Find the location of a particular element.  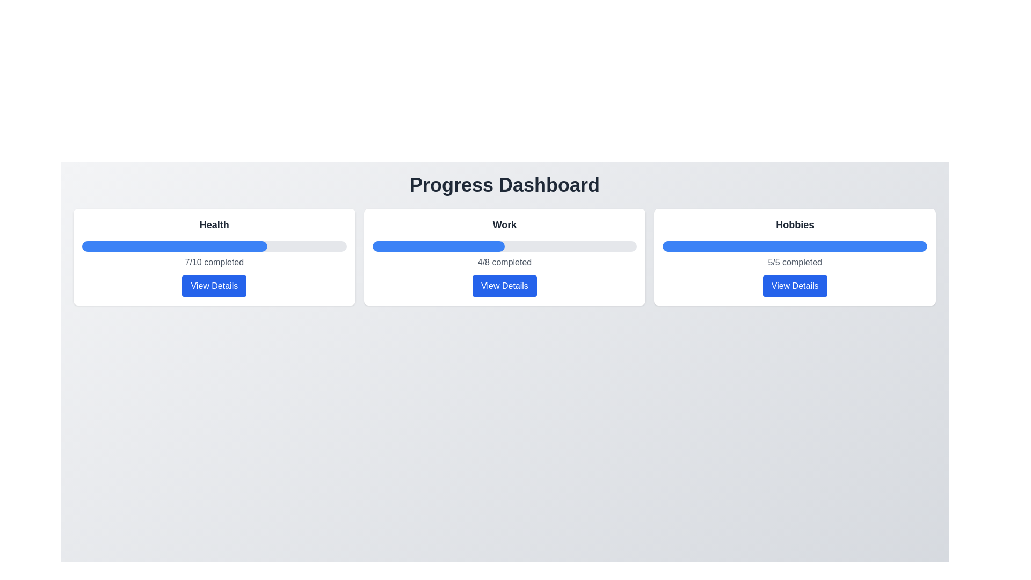

the text label displaying 'Work' that is styled in bold and large dark gray font, located at the top of the middle card in the set of three horizontally aligned cards is located at coordinates (504, 224).